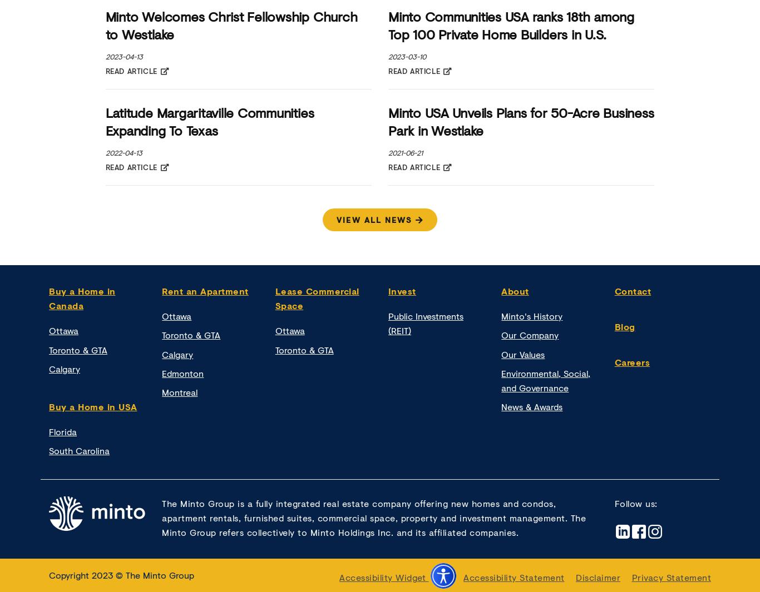 This screenshot has width=760, height=592. Describe the element at coordinates (522, 354) in the screenshot. I see `'Our Values'` at that location.